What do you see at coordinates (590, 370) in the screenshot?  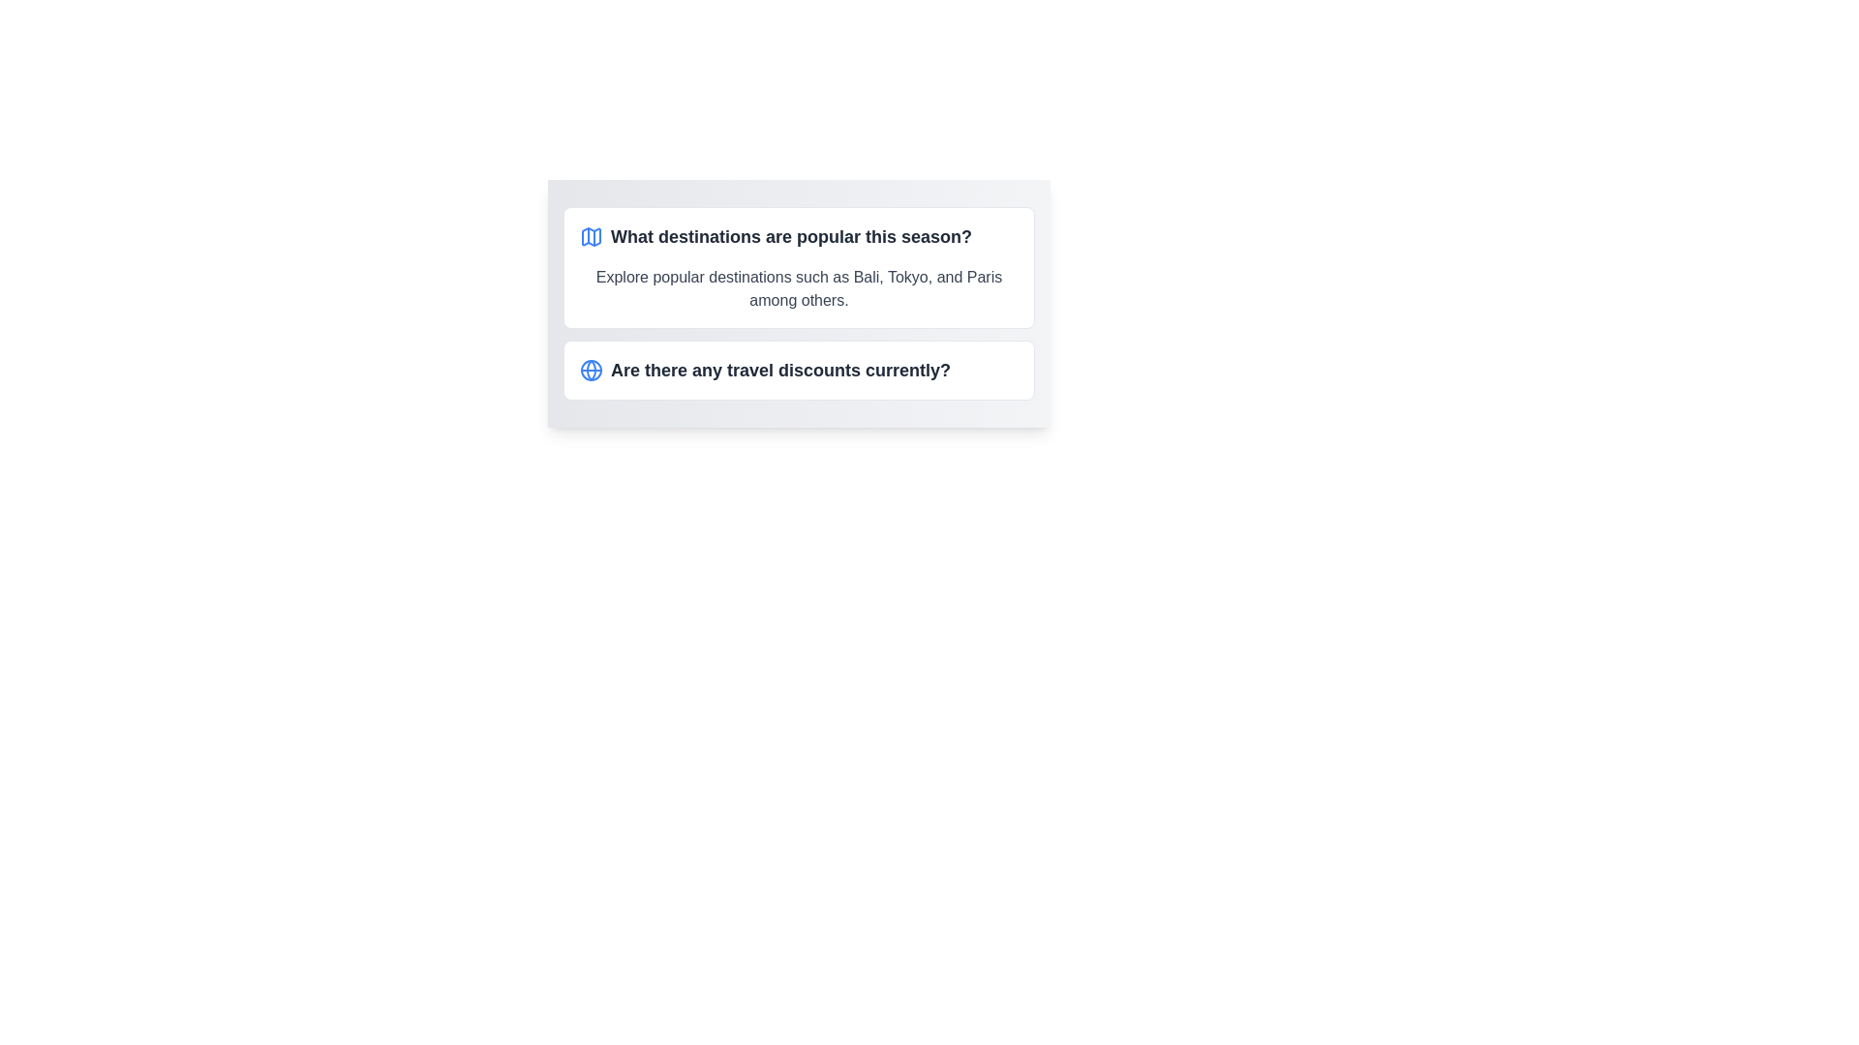 I see `the blue globe icon (SVG graphic) located to the left of the question 'Are there any travel discounts currently?' to bring up a context menu` at bounding box center [590, 370].